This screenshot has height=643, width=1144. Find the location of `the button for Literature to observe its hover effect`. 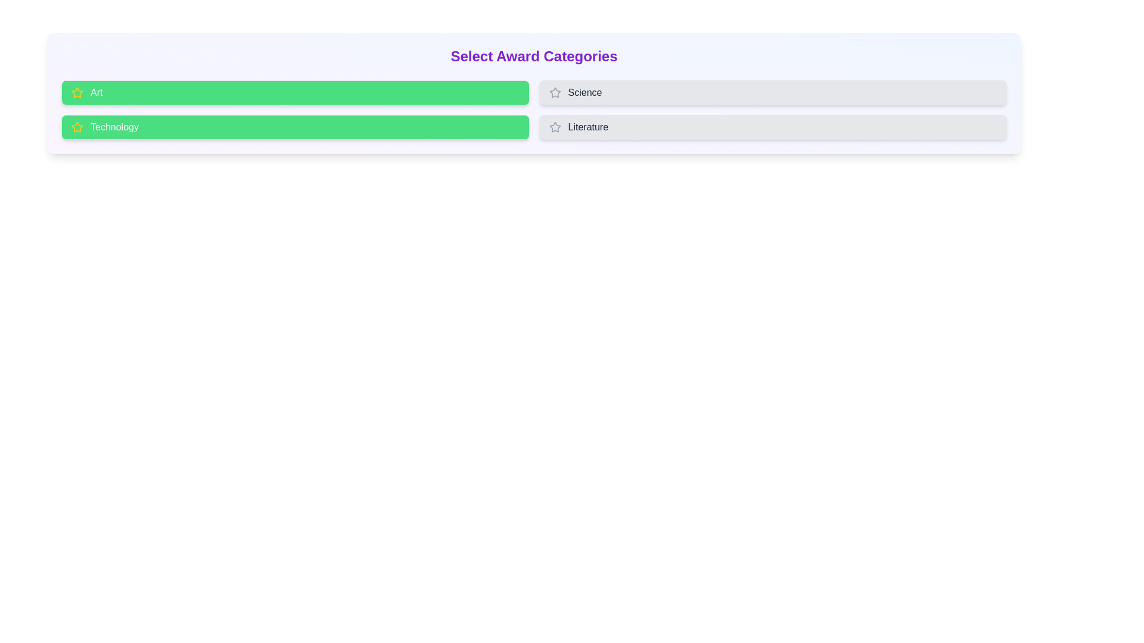

the button for Literature to observe its hover effect is located at coordinates (773, 127).